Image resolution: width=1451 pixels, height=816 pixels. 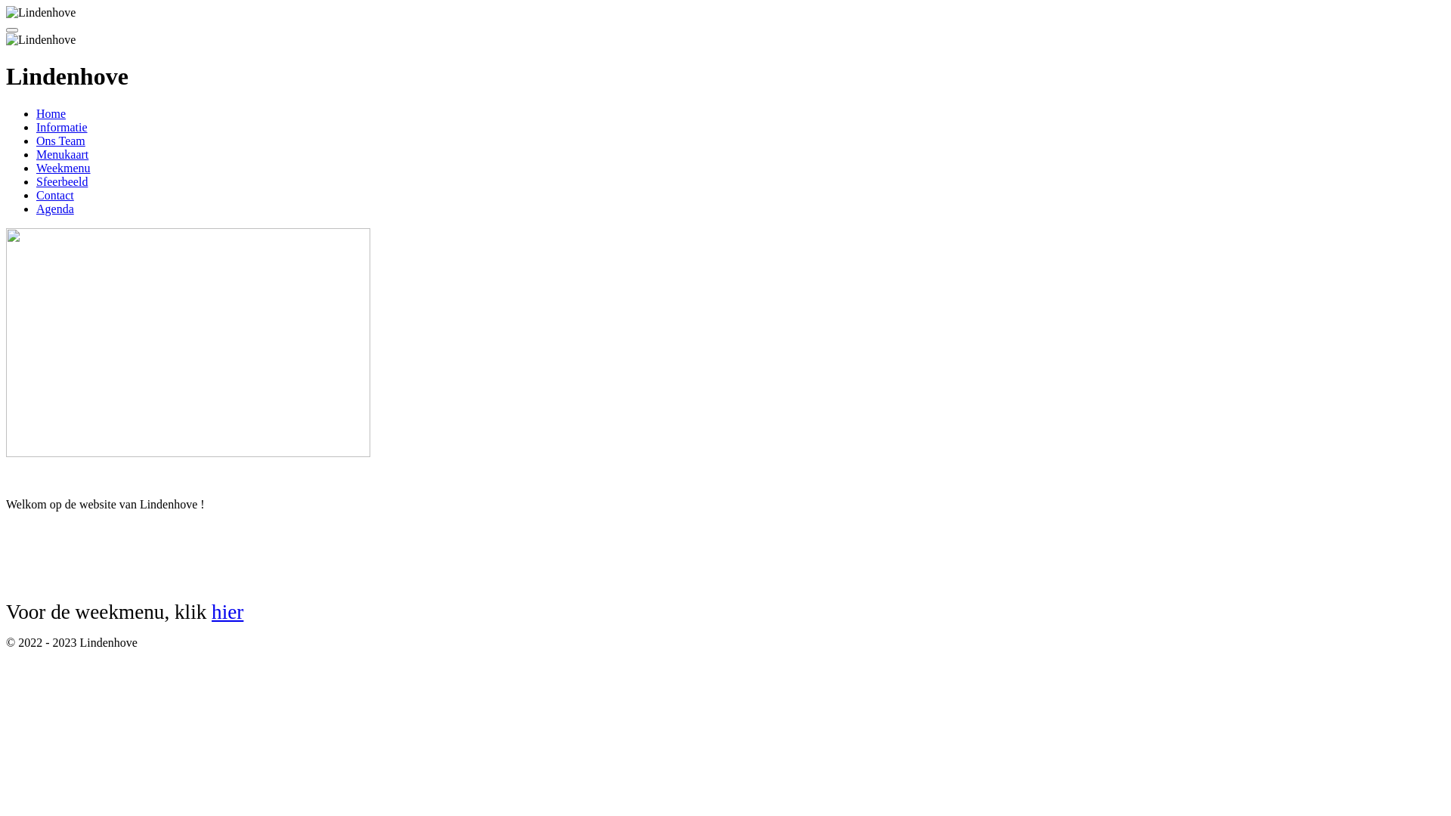 I want to click on 'Agenda', so click(x=54, y=209).